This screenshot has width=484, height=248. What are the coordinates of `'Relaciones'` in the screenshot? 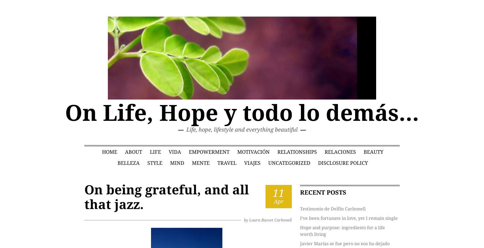 It's located at (340, 152).